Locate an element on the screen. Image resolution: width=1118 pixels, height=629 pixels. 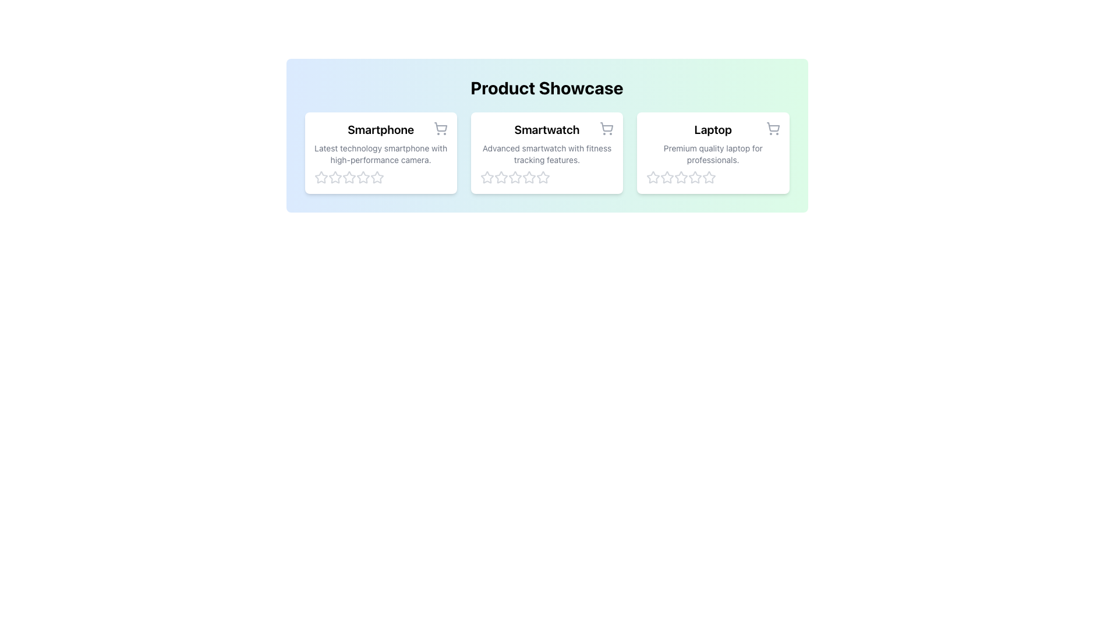
the fourth star in the series of five rating stars on the 'Smartwatch' product card is located at coordinates (528, 177).